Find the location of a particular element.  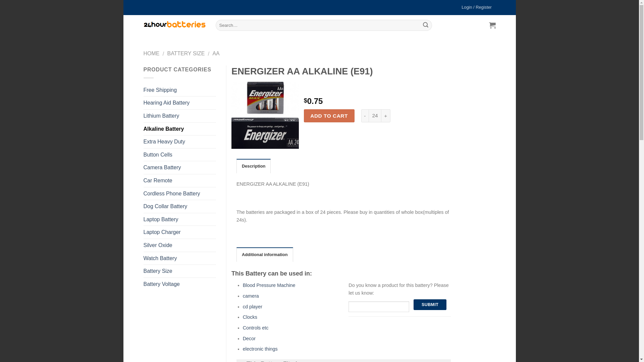

'HOME' is located at coordinates (151, 53).